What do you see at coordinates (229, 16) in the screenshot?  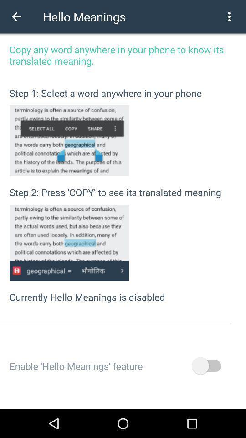 I see `additional setting options` at bounding box center [229, 16].